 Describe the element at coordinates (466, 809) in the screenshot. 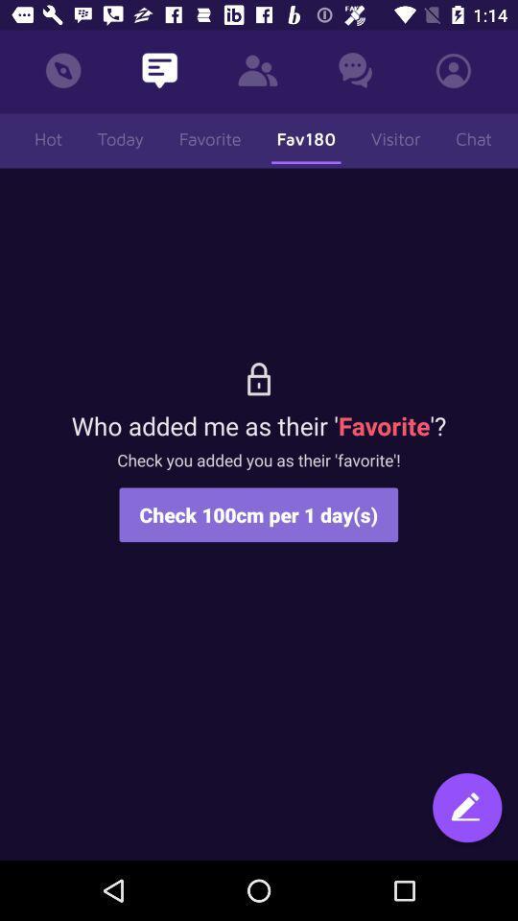

I see `write message` at that location.